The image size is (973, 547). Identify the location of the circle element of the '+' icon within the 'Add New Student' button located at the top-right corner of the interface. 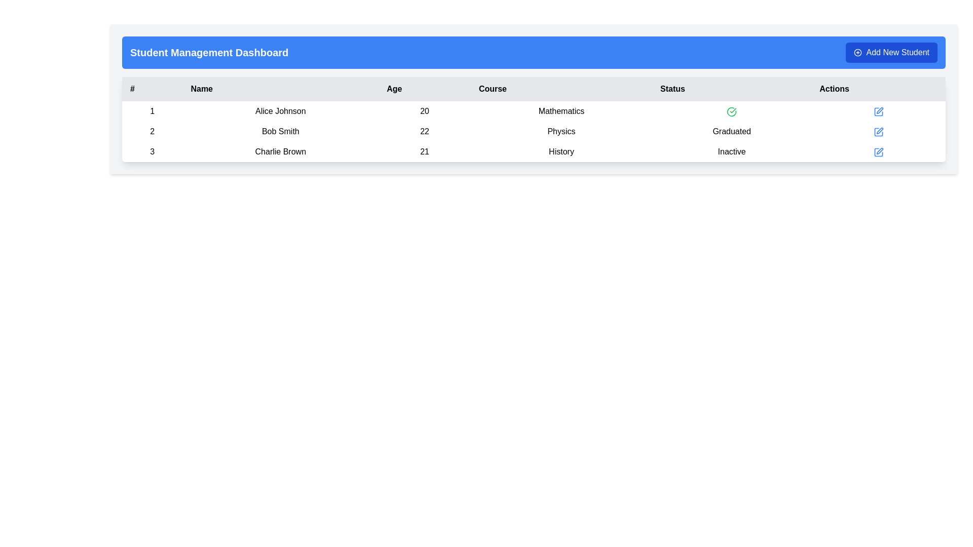
(857, 53).